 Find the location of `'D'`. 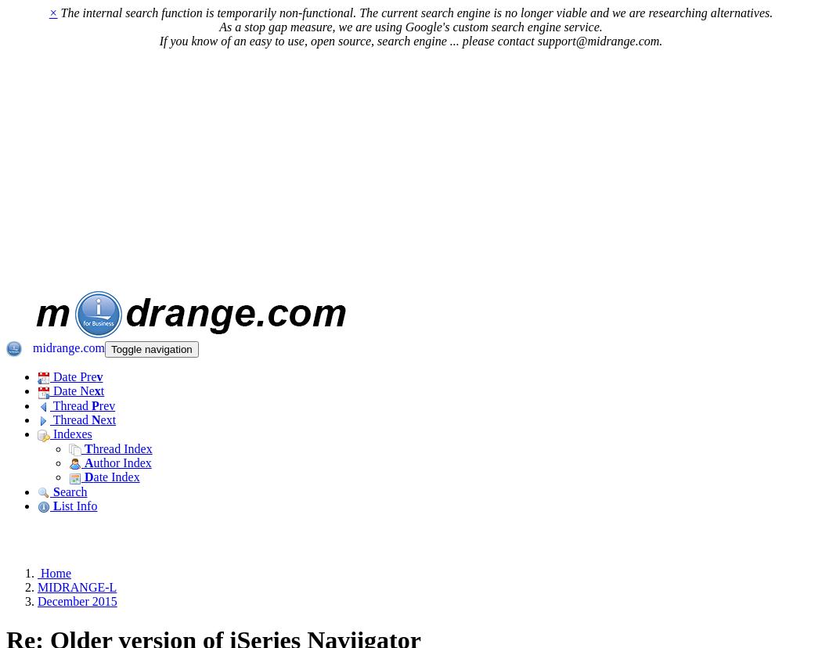

'D' is located at coordinates (88, 476).